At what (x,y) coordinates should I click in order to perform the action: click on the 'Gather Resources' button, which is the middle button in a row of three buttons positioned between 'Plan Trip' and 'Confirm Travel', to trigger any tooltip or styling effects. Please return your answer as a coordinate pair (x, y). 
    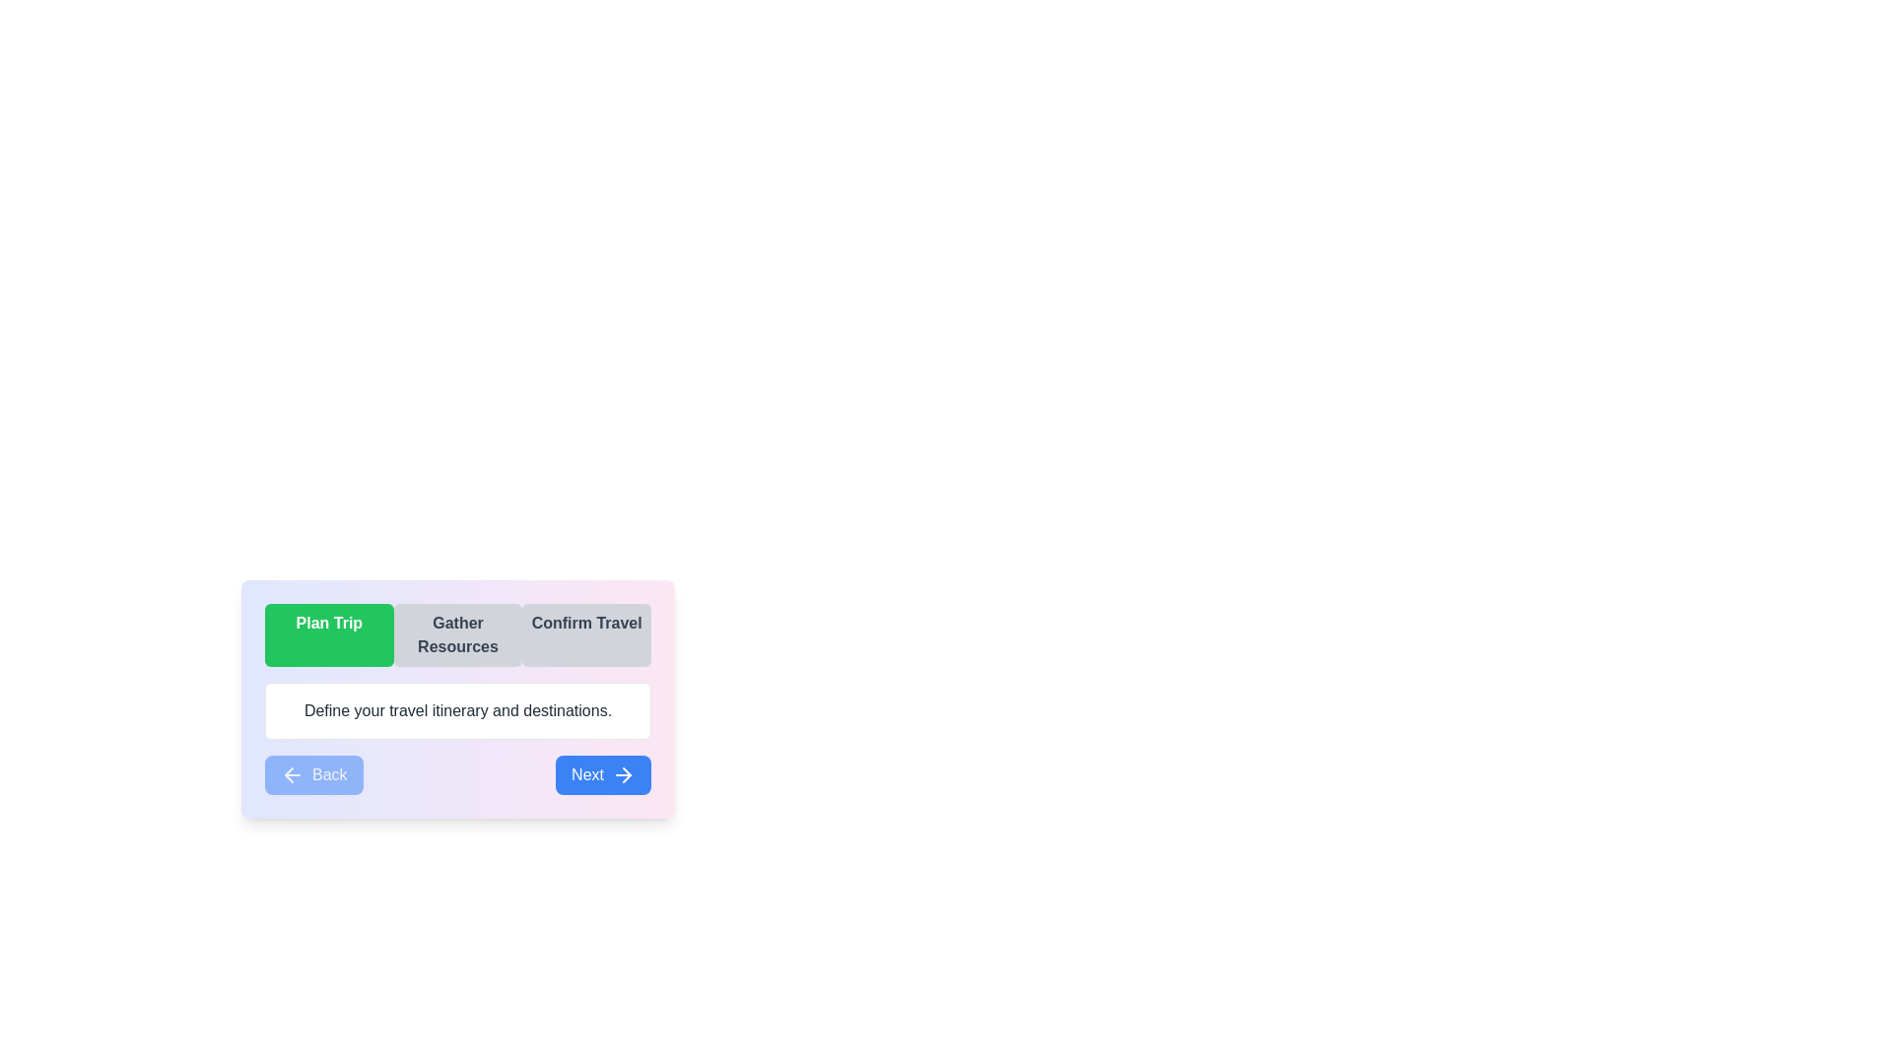
    Looking at the image, I should click on (457, 634).